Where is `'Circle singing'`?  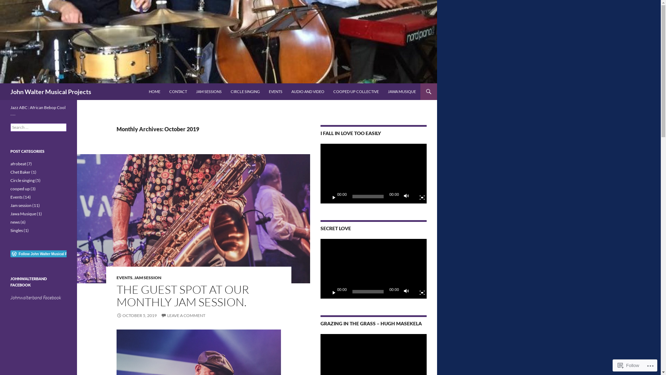
'Circle singing' is located at coordinates (23, 180).